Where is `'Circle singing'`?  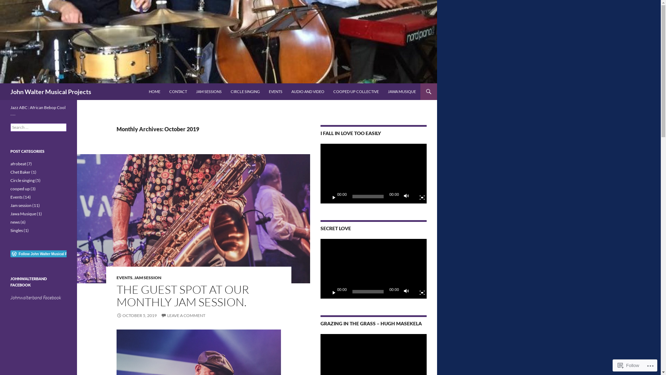
'Circle singing' is located at coordinates (23, 180).